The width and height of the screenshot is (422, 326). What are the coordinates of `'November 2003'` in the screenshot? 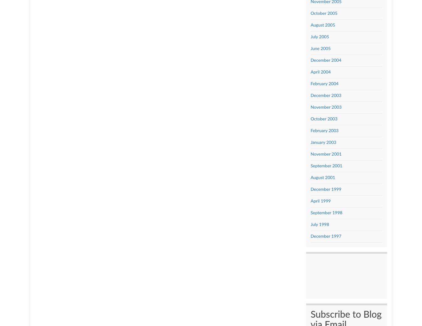 It's located at (325, 107).